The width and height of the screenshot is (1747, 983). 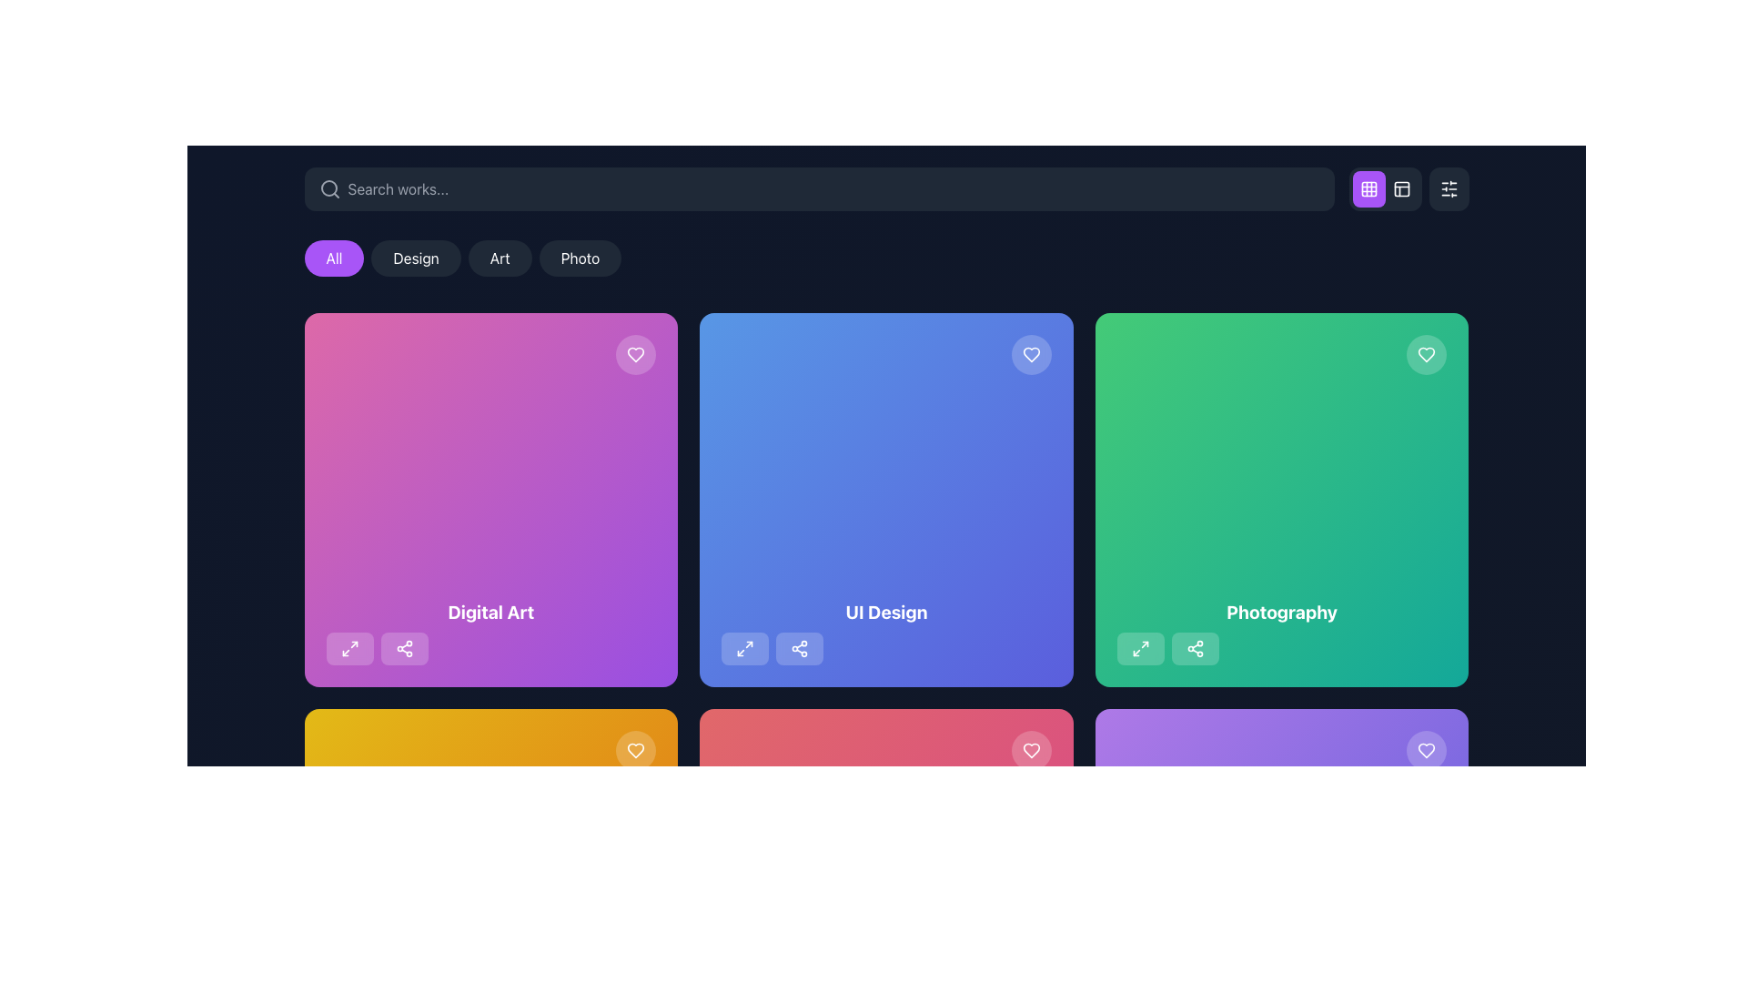 What do you see at coordinates (349, 647) in the screenshot?
I see `the button located at the bottom-left of the 'Digital Art' card to maximize the card content` at bounding box center [349, 647].